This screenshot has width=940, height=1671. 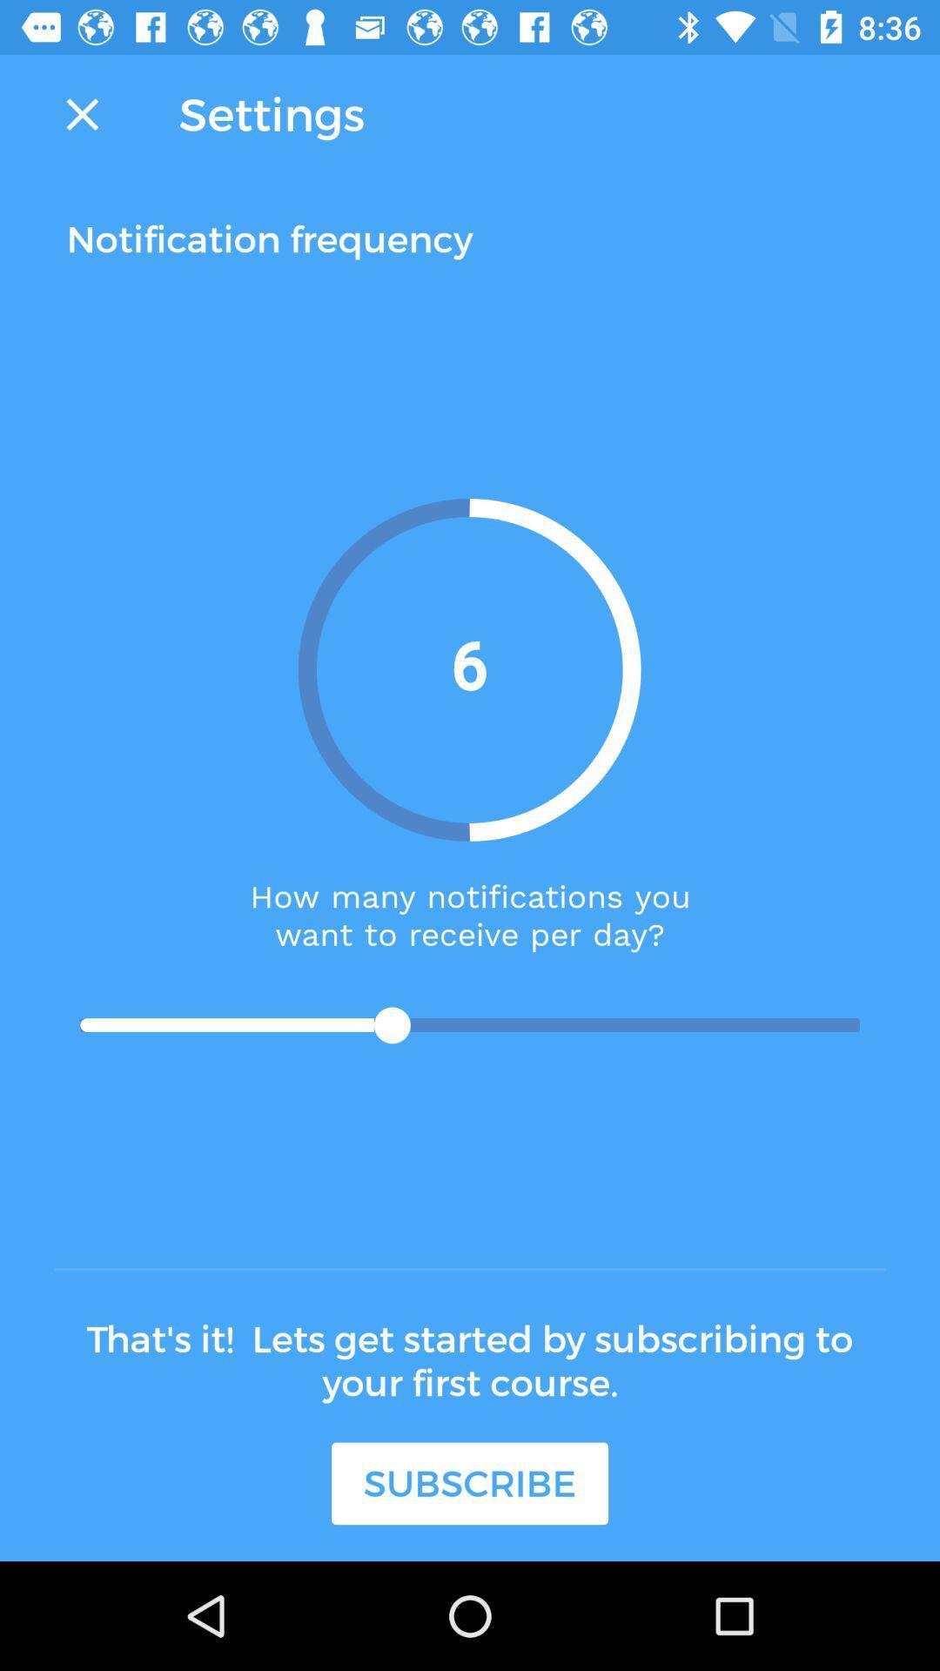 I want to click on the close icon, so click(x=82, y=113).